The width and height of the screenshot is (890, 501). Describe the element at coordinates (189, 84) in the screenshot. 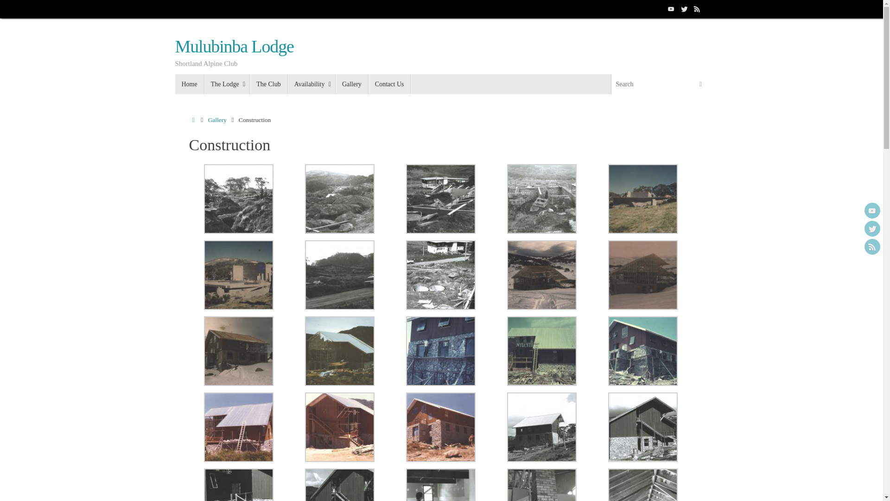

I see `'Home'` at that location.